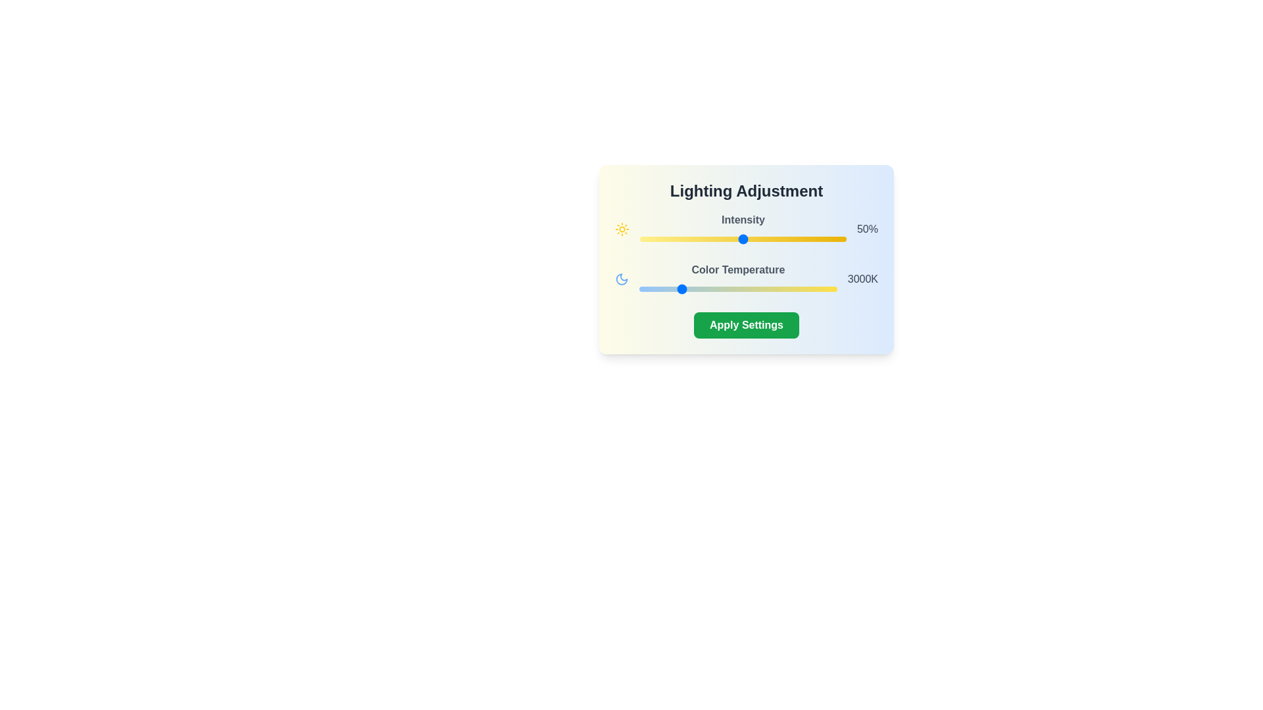 The image size is (1263, 710). What do you see at coordinates (689, 288) in the screenshot?
I see `the color temperature slider to set it to 3279 Kelvin` at bounding box center [689, 288].